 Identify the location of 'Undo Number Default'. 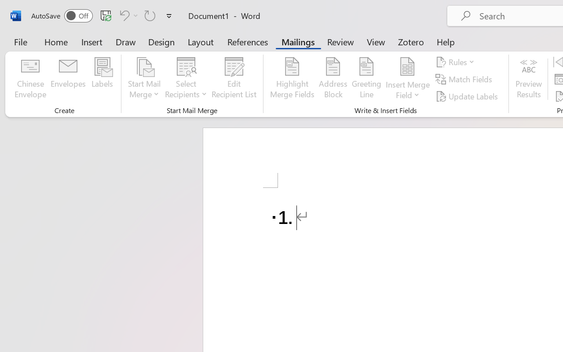
(123, 15).